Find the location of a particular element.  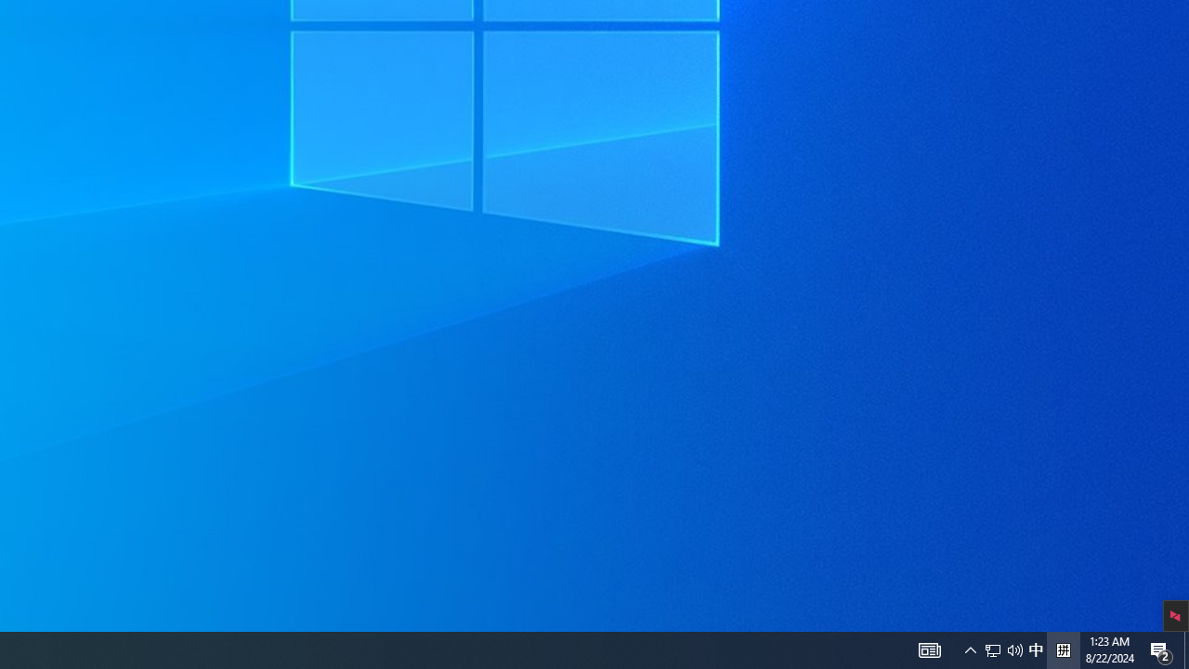

'Q2790: 100%' is located at coordinates (1035, 649).